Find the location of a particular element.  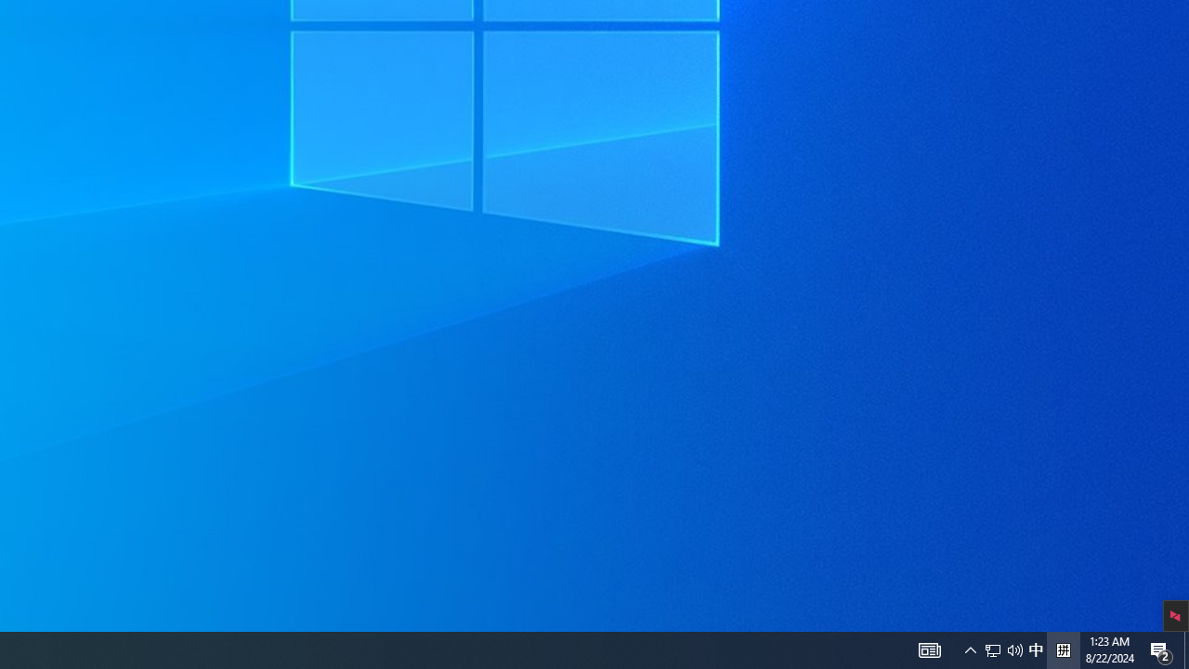

'Q2790: 100%' is located at coordinates (1035, 649).